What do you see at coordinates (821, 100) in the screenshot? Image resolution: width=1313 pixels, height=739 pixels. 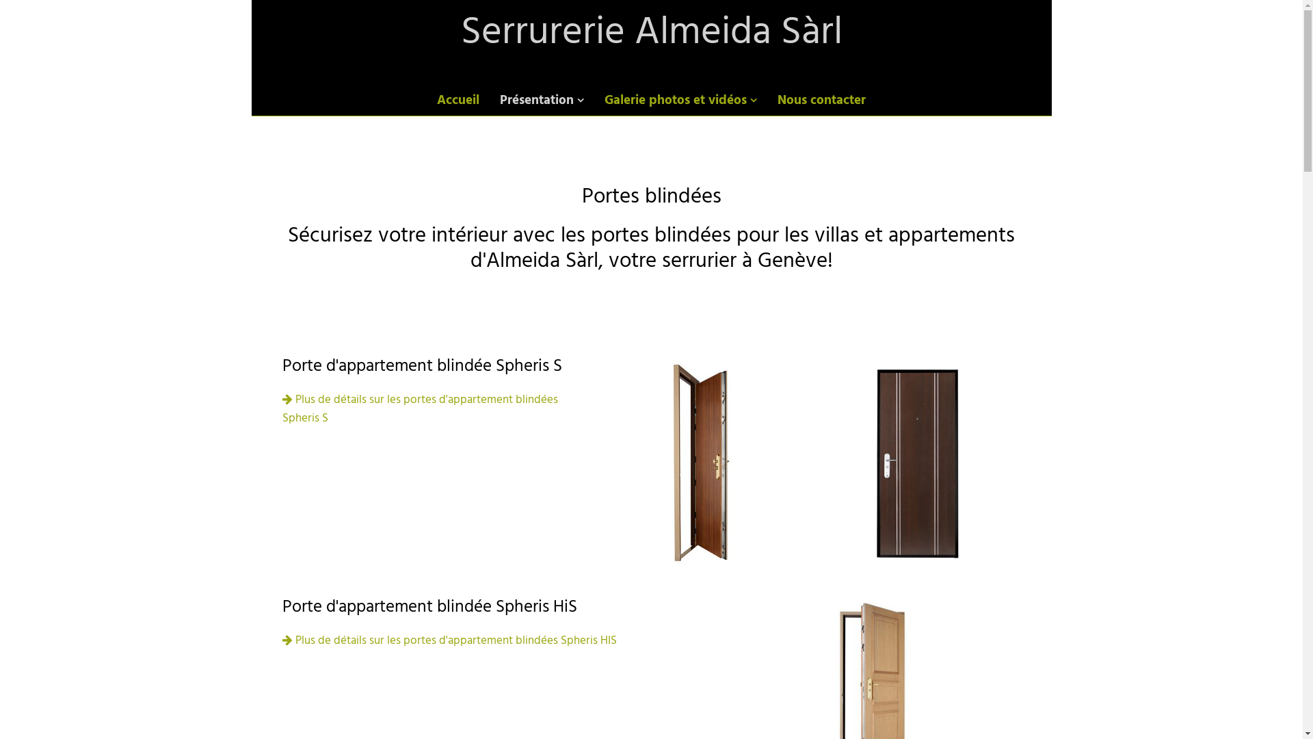 I see `'Nous contacter'` at bounding box center [821, 100].